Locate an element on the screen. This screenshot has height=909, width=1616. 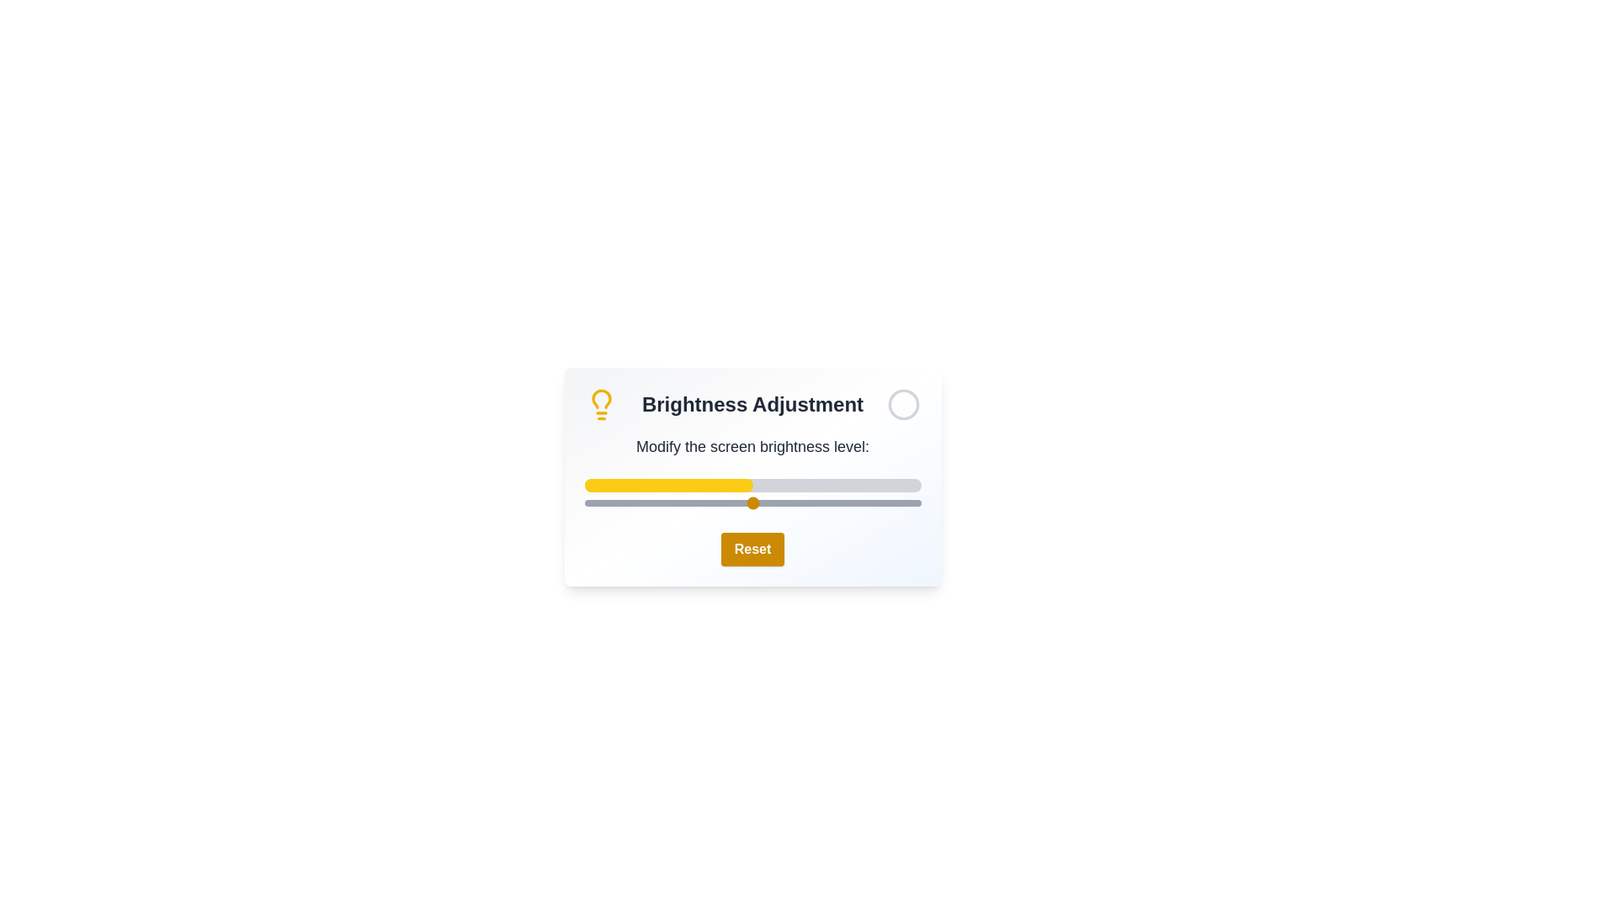
the brightness slider to 87% is located at coordinates (876, 502).